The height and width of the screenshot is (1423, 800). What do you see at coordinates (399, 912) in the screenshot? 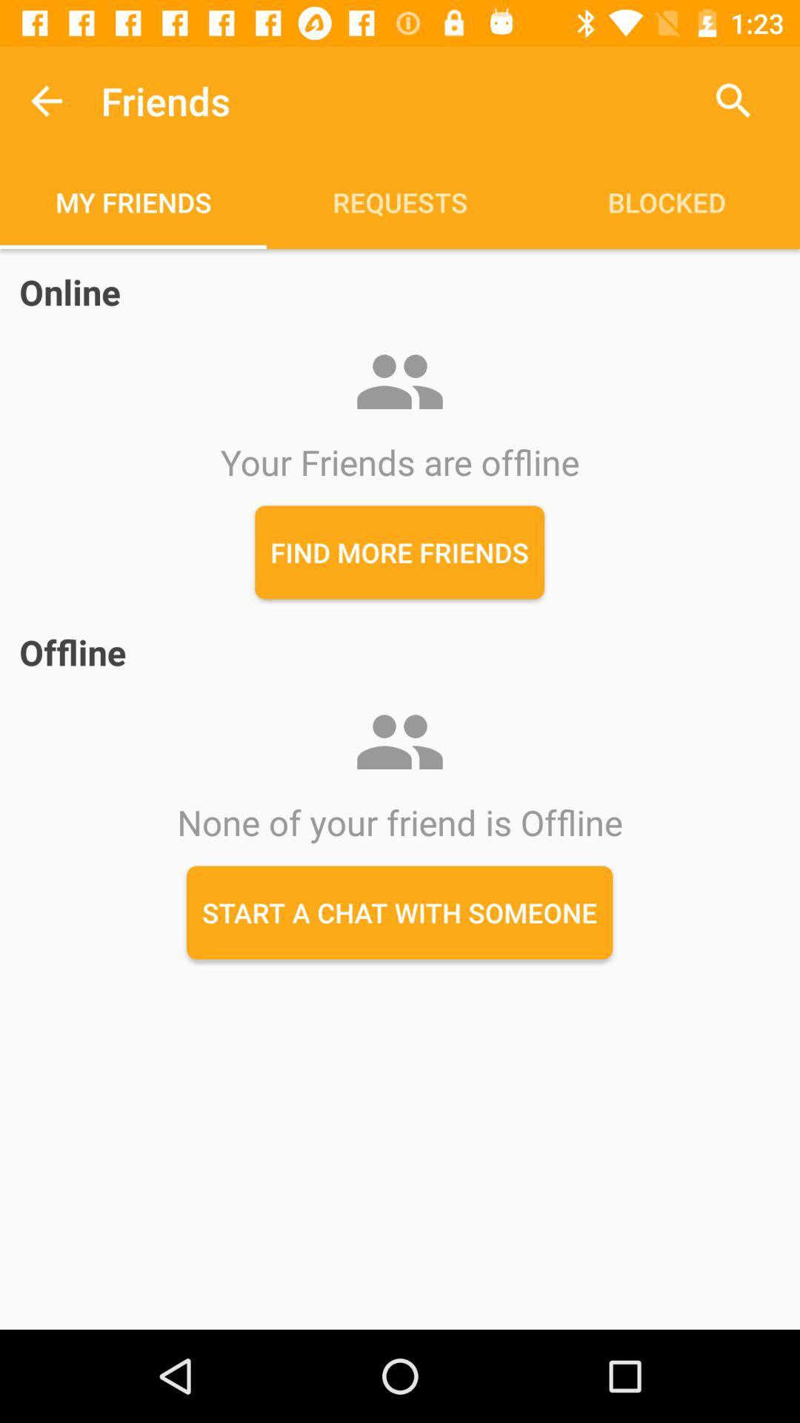
I see `start a chat` at bounding box center [399, 912].